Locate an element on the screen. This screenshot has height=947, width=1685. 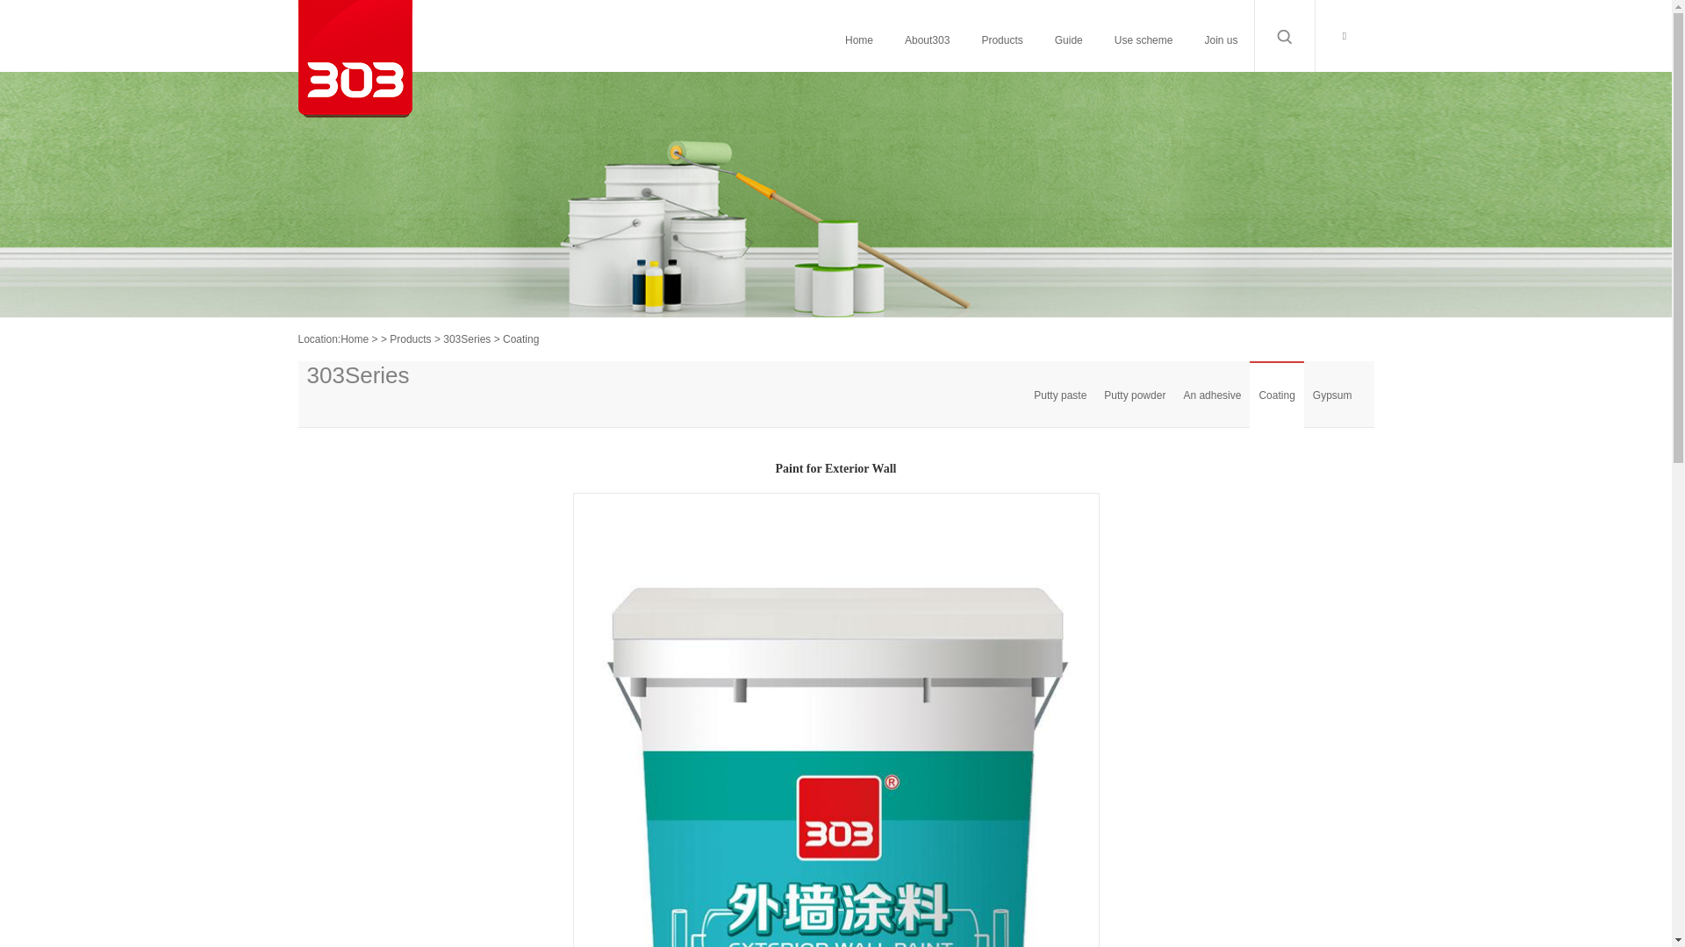
'Gypsum' is located at coordinates (1304, 395).